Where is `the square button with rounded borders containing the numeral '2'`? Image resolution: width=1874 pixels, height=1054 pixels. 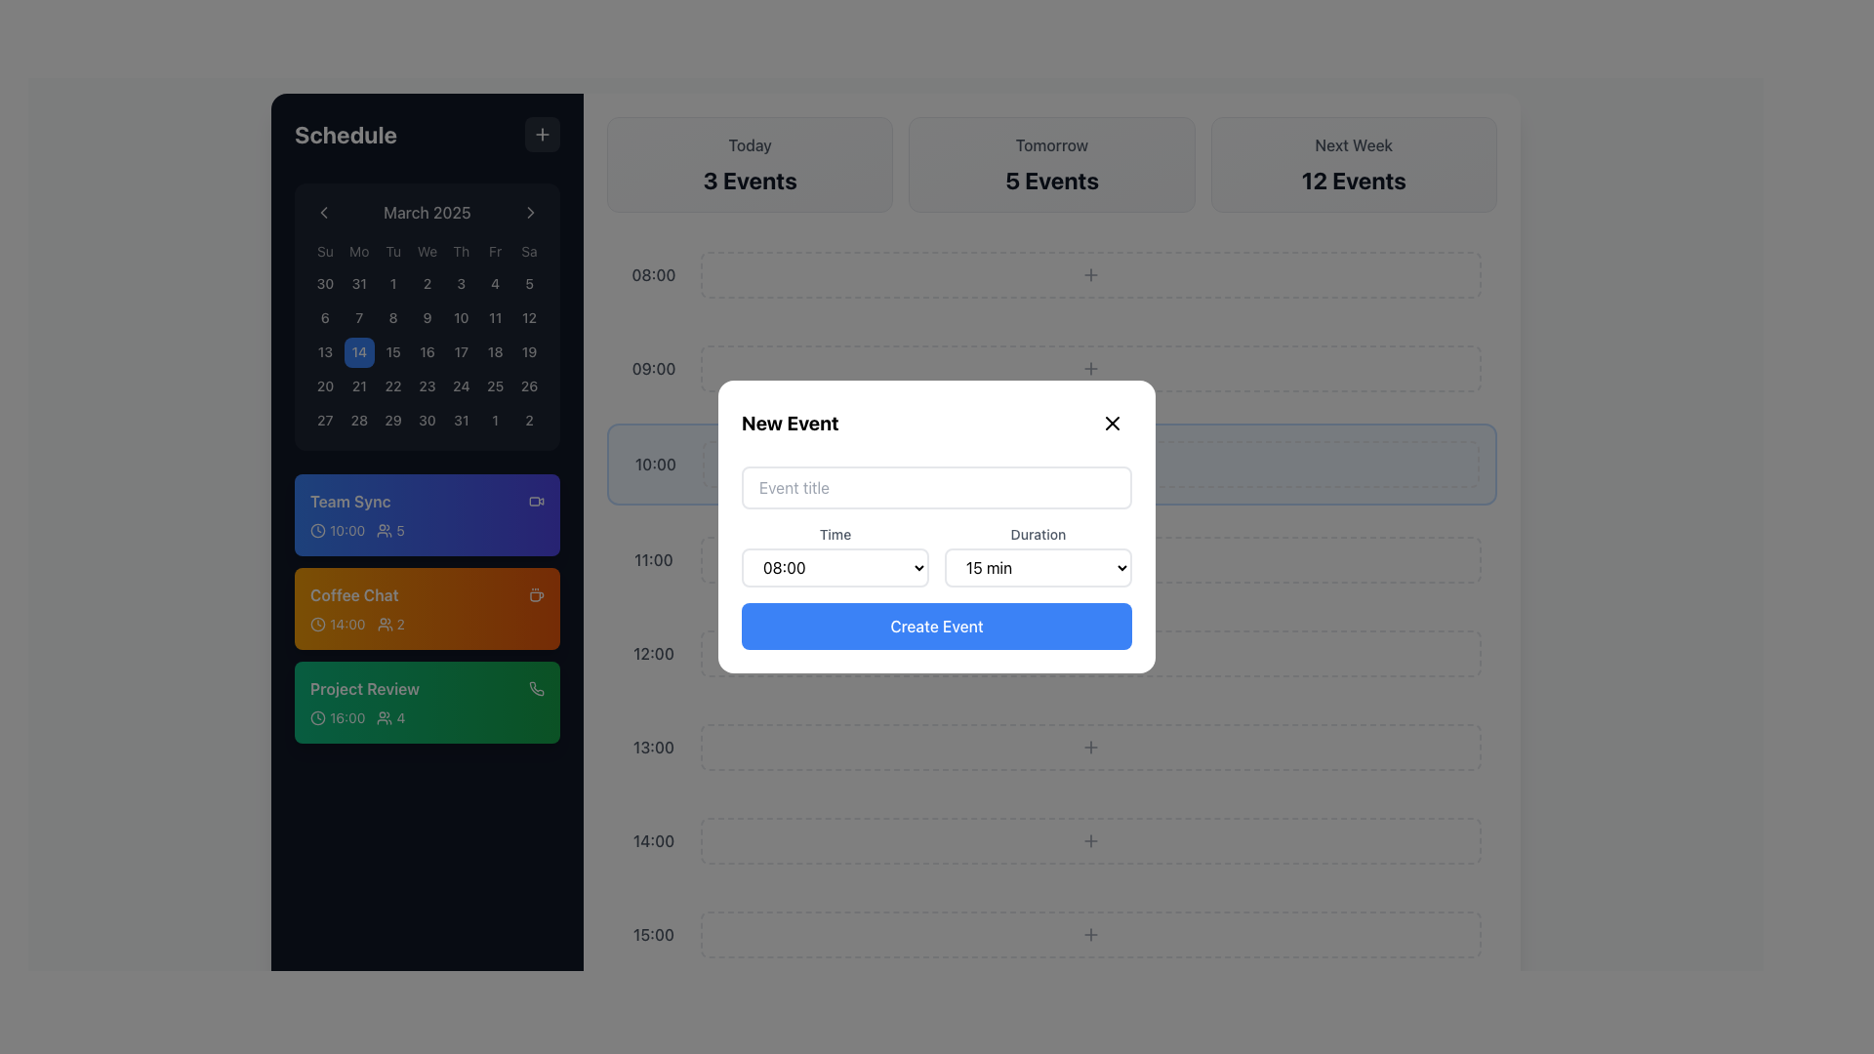
the square button with rounded borders containing the numeral '2' is located at coordinates (529, 419).